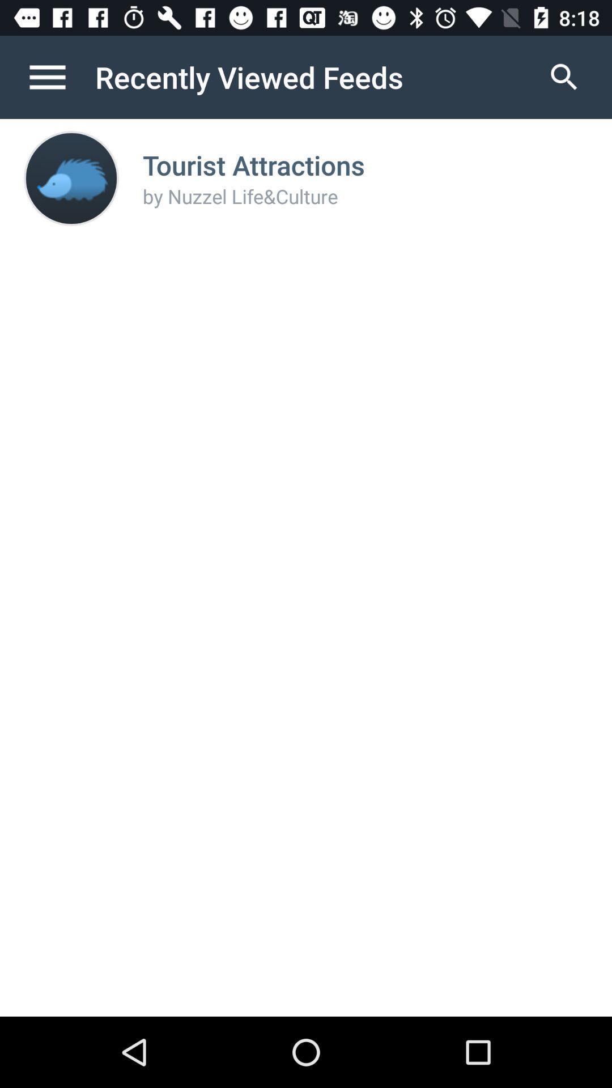  I want to click on item next to the recently viewed feeds item, so click(59, 76).